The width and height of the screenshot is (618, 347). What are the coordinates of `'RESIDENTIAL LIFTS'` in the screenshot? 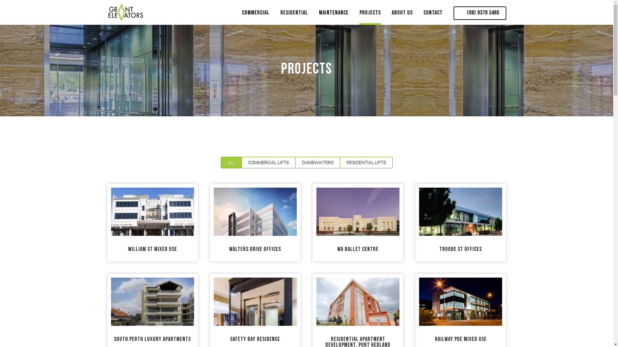 It's located at (340, 162).